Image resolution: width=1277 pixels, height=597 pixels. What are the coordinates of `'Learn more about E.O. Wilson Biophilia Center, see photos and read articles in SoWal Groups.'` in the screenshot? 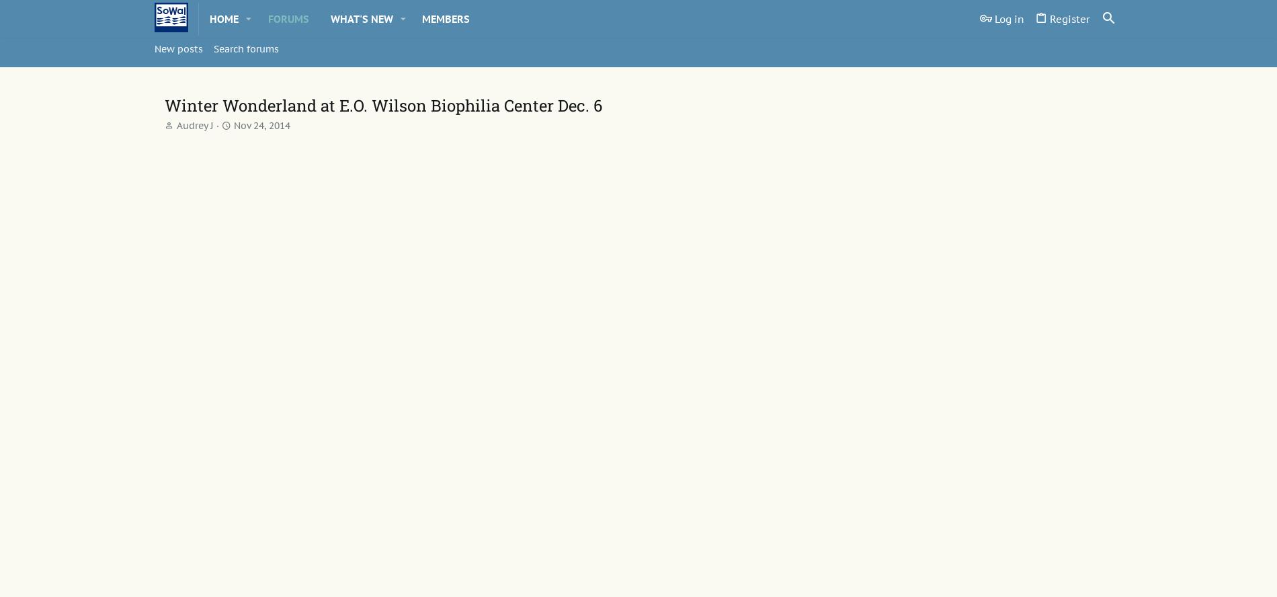 It's located at (479, 497).